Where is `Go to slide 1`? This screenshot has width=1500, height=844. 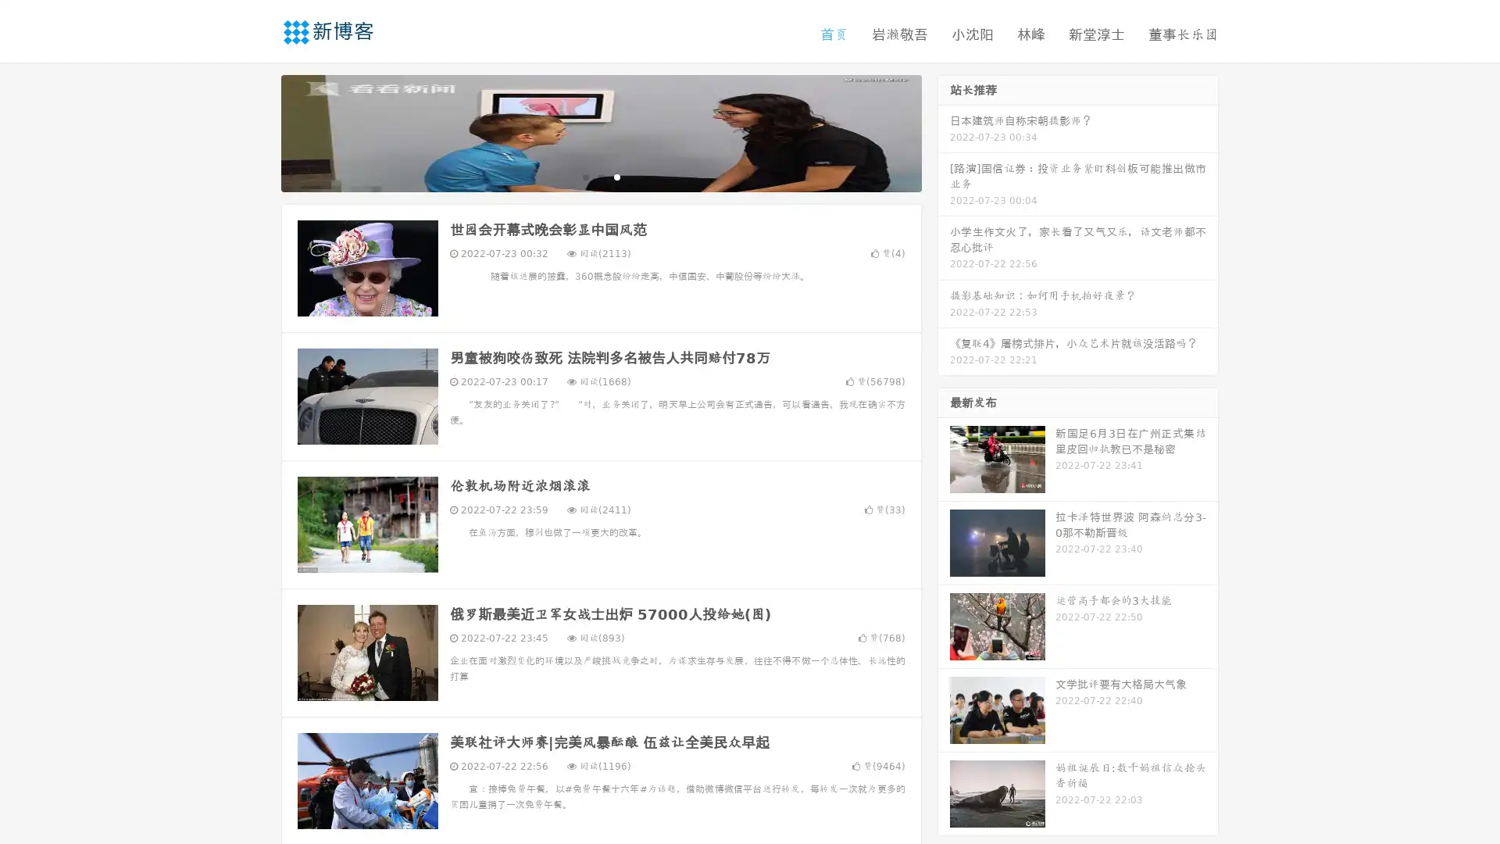
Go to slide 1 is located at coordinates (584, 176).